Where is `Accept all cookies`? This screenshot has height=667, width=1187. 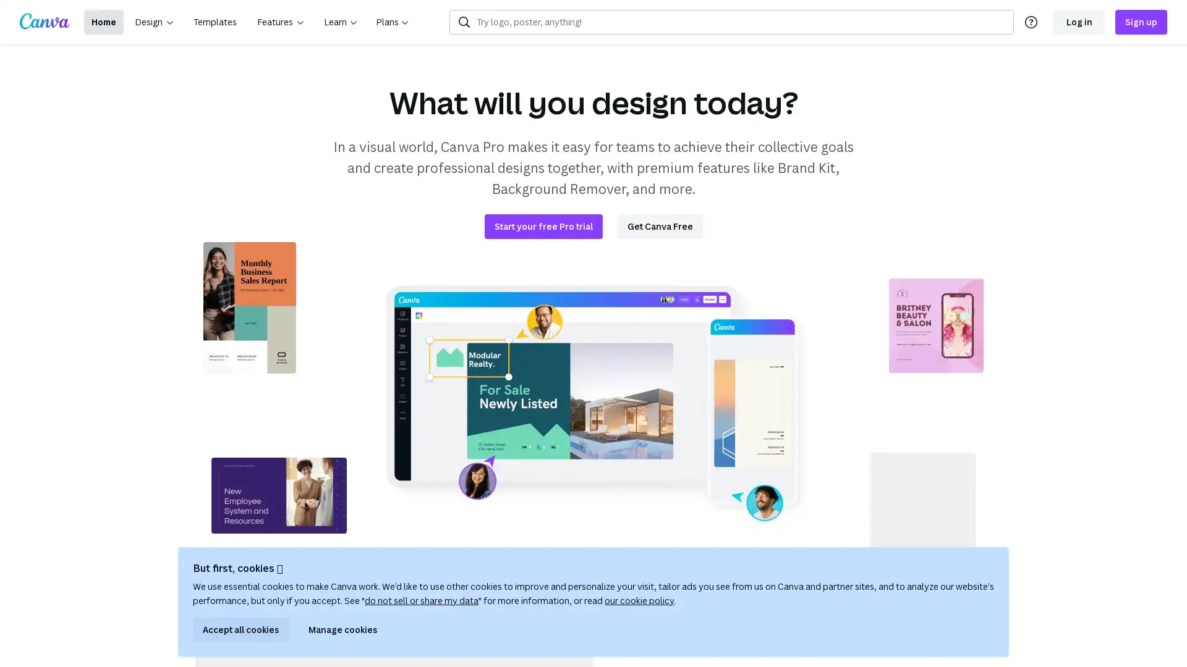 Accept all cookies is located at coordinates (240, 629).